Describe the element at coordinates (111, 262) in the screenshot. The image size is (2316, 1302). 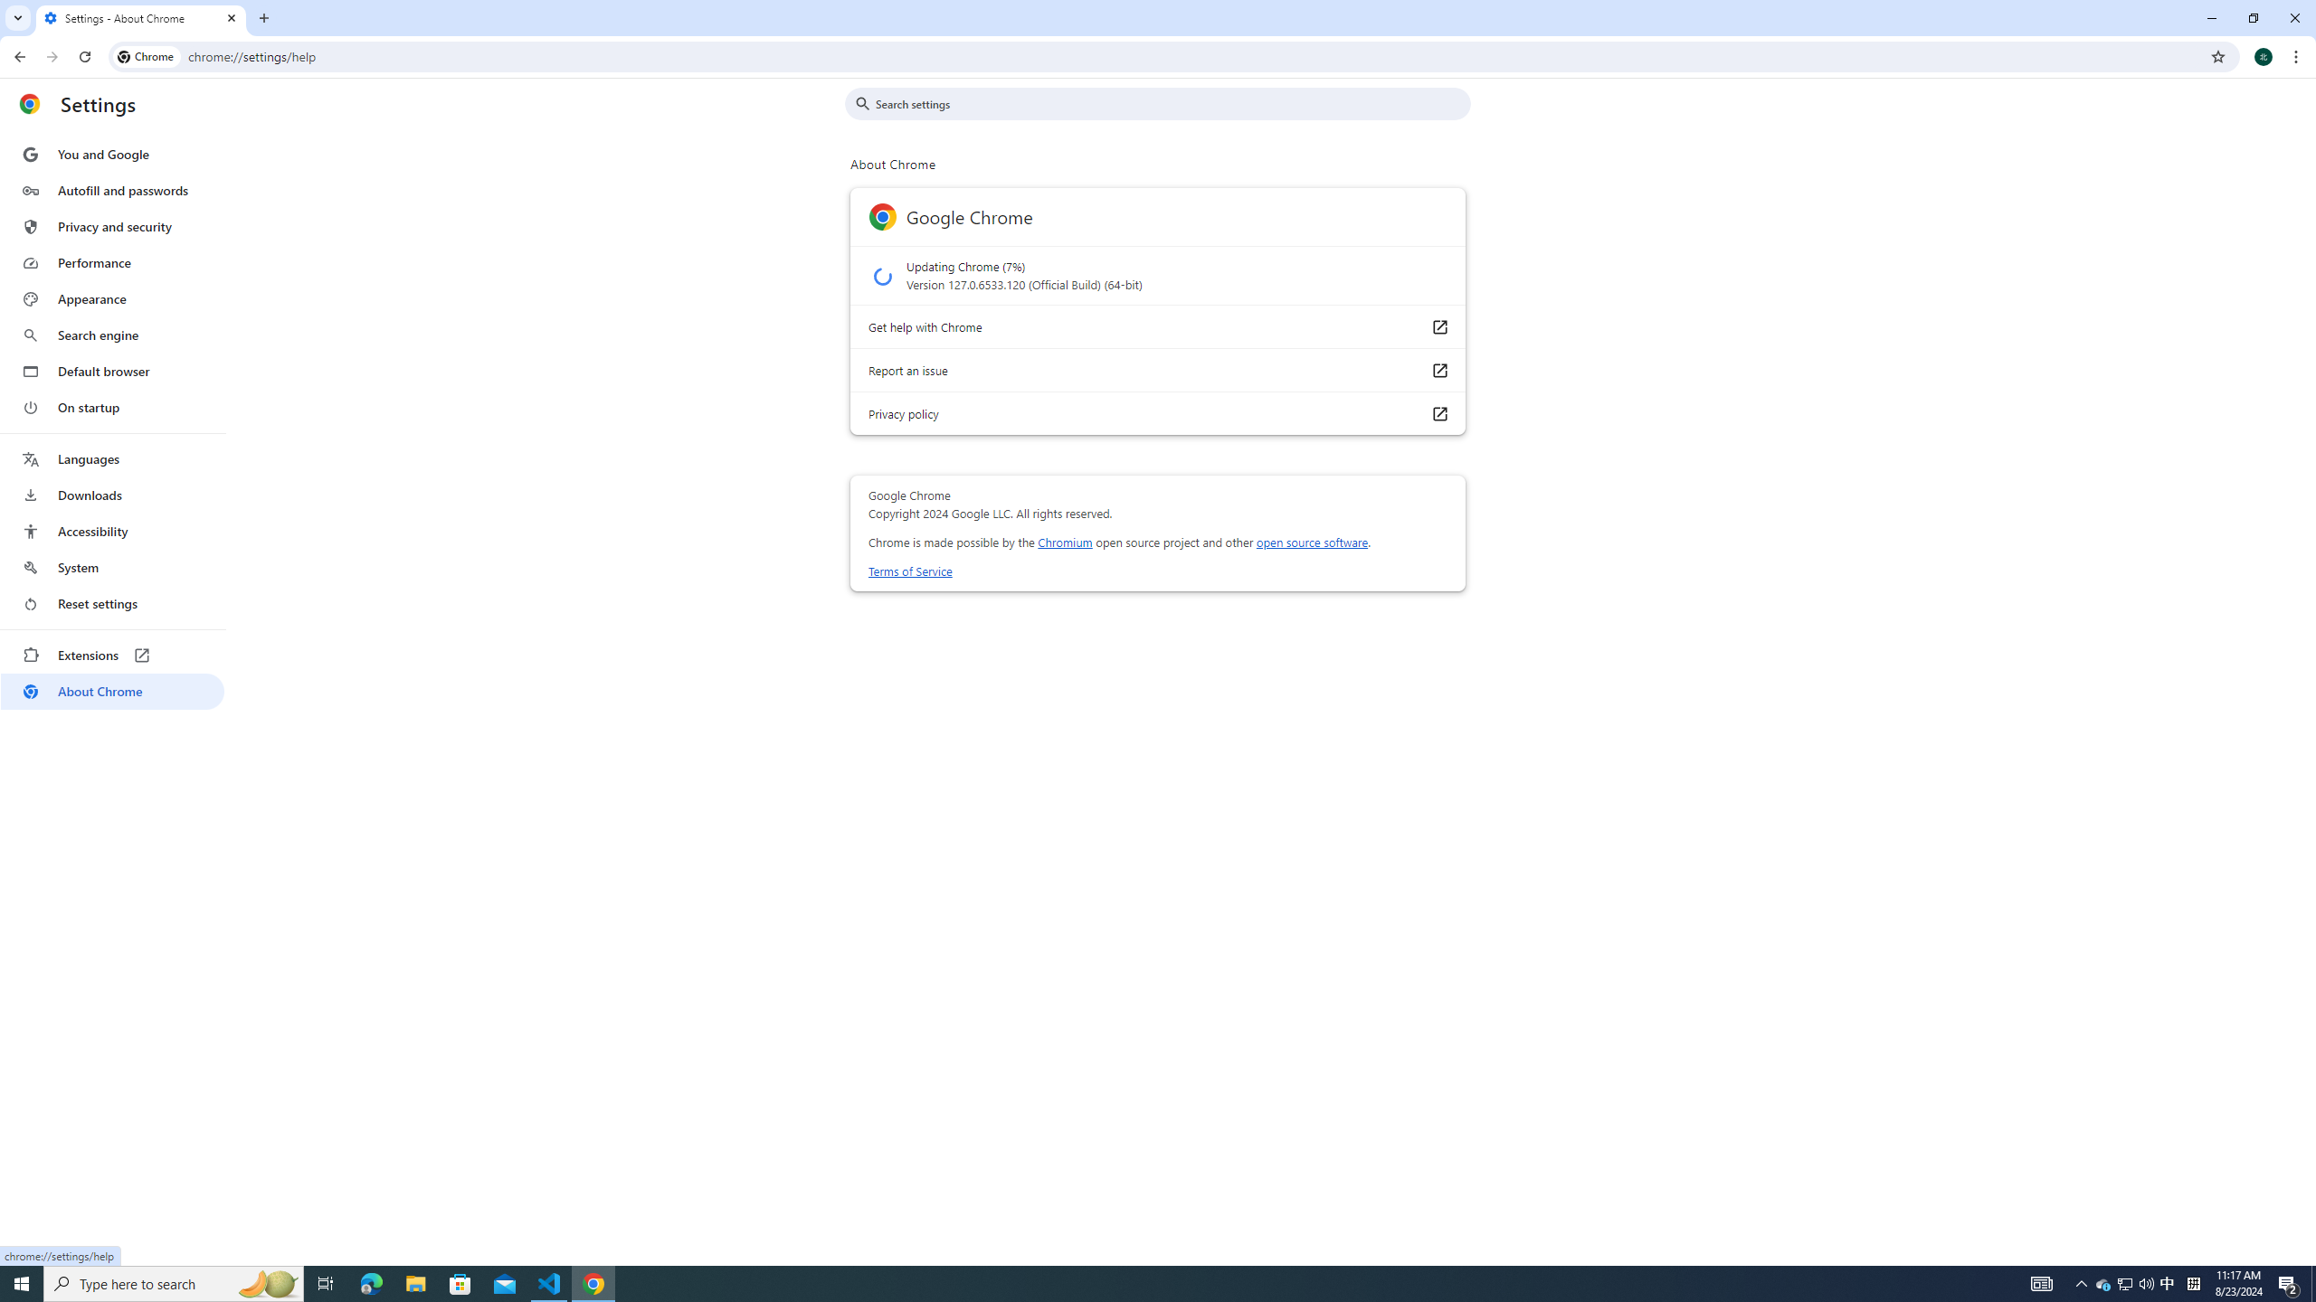
I see `'Performance'` at that location.